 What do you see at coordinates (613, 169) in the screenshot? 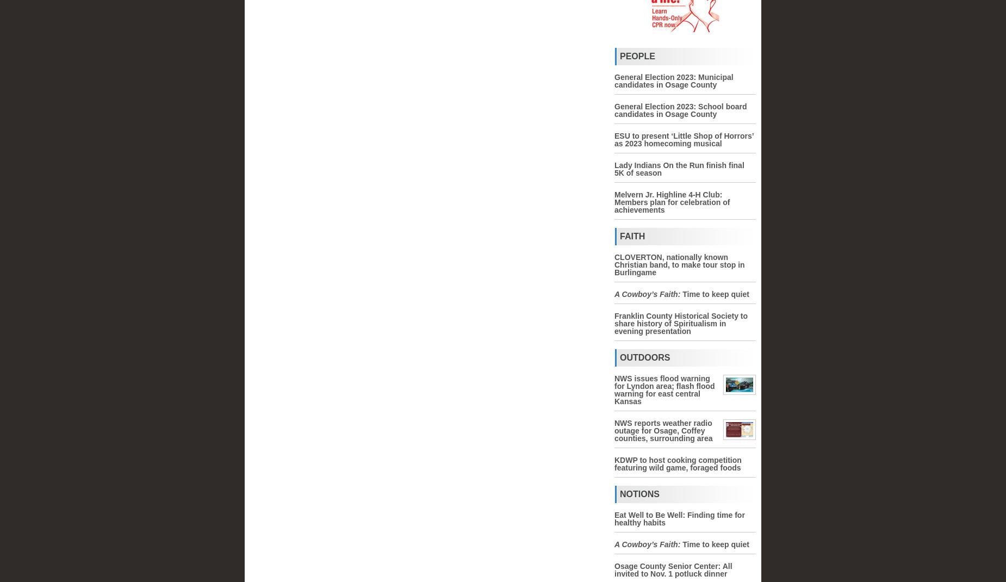
I see `'Lady Indians On the Run finish final 5K of season'` at bounding box center [613, 169].